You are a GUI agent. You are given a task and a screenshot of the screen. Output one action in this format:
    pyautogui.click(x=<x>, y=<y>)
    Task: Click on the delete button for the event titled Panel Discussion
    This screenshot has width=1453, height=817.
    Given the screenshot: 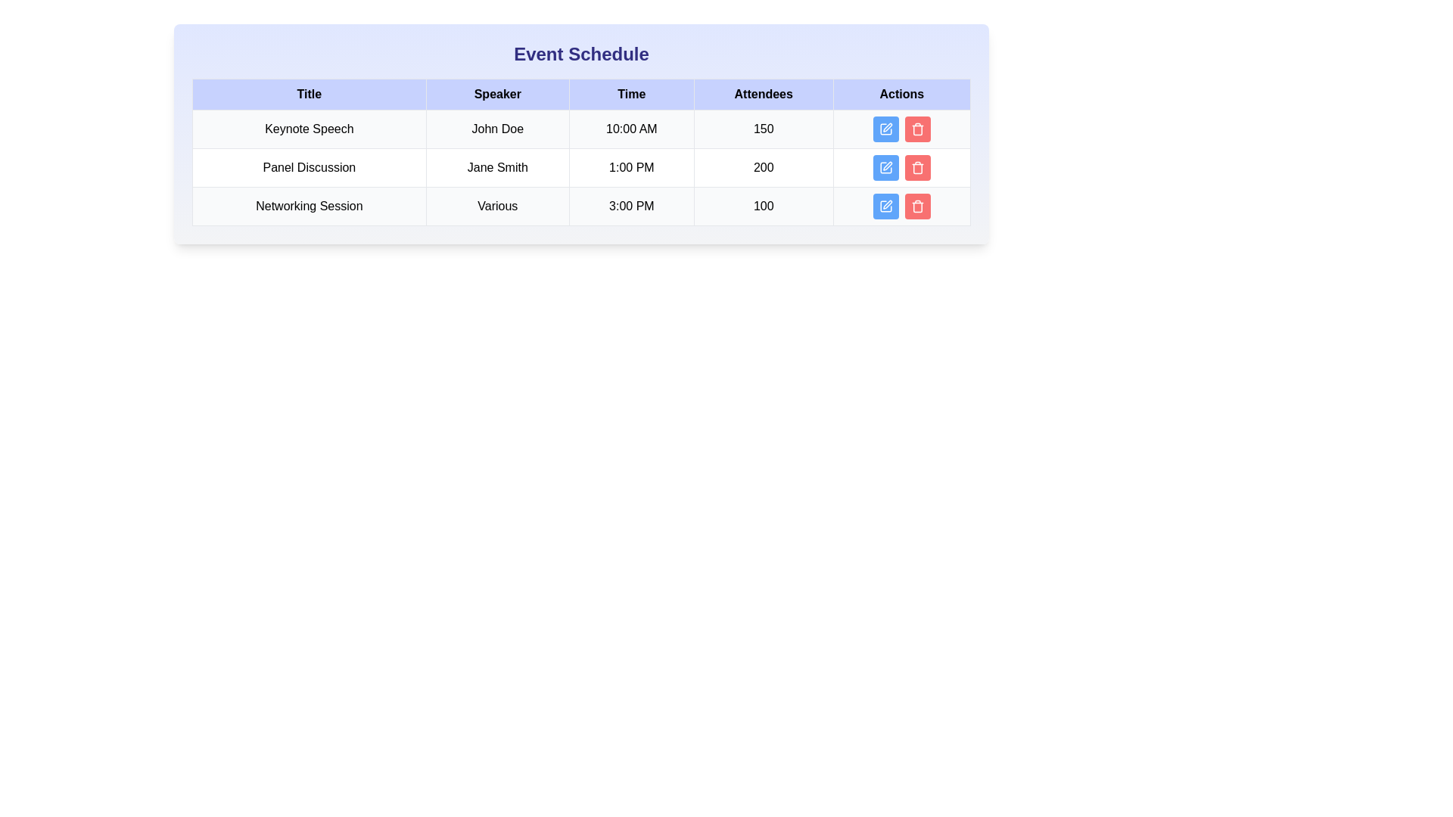 What is the action you would take?
    pyautogui.click(x=916, y=168)
    